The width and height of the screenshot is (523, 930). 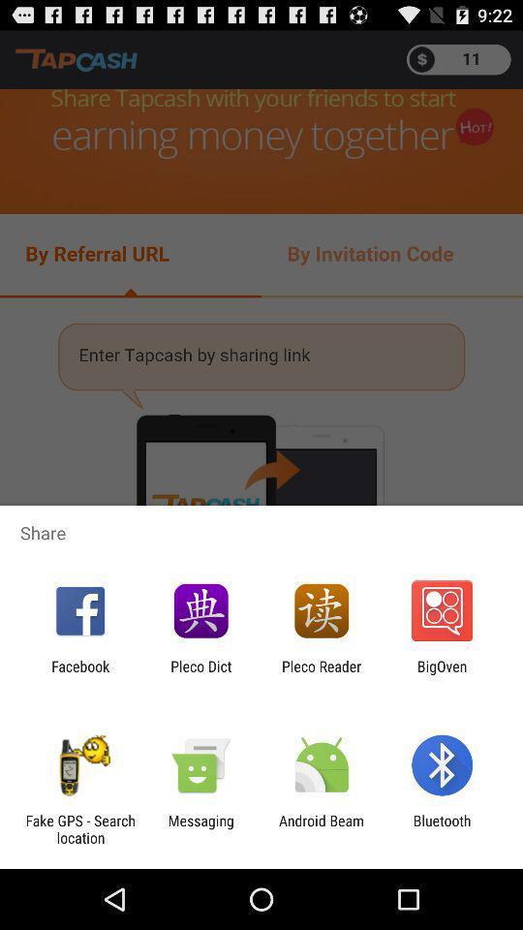 What do you see at coordinates (200, 674) in the screenshot?
I see `the icon next to pleco reader icon` at bounding box center [200, 674].